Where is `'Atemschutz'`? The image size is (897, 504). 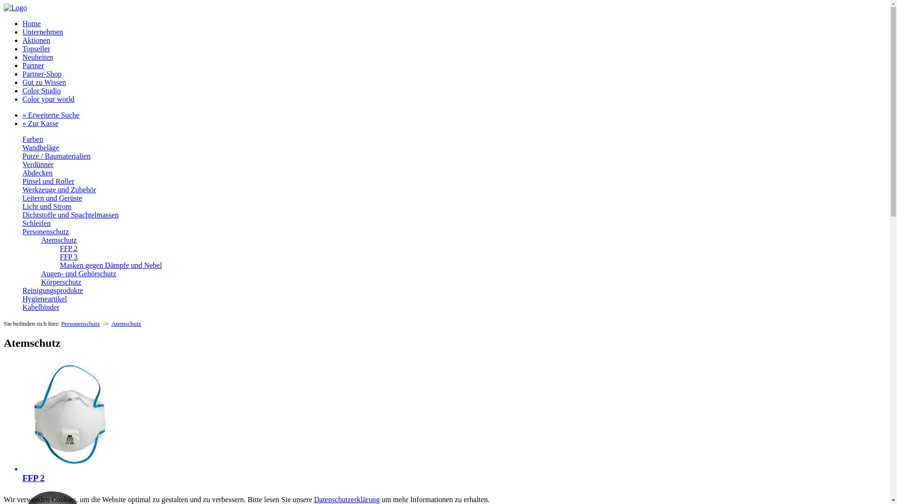 'Atemschutz' is located at coordinates (125, 323).